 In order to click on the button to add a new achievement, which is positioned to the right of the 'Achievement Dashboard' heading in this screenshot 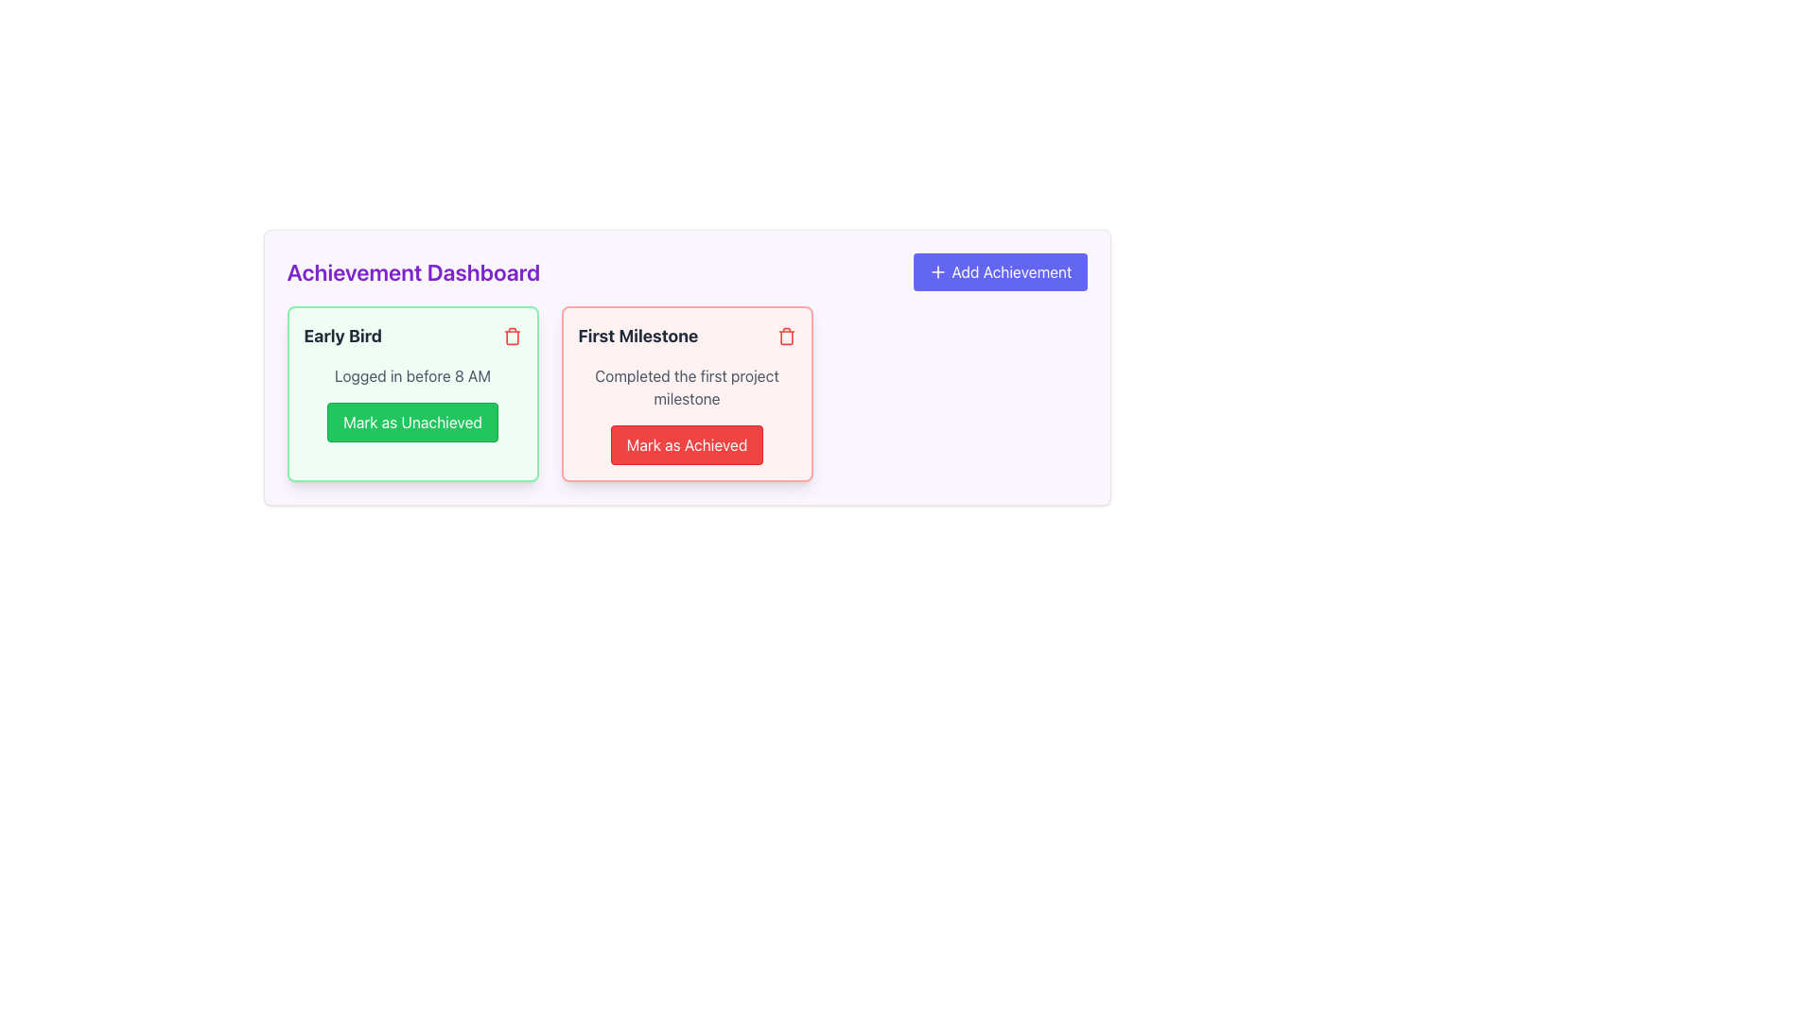, I will do `click(999, 272)`.